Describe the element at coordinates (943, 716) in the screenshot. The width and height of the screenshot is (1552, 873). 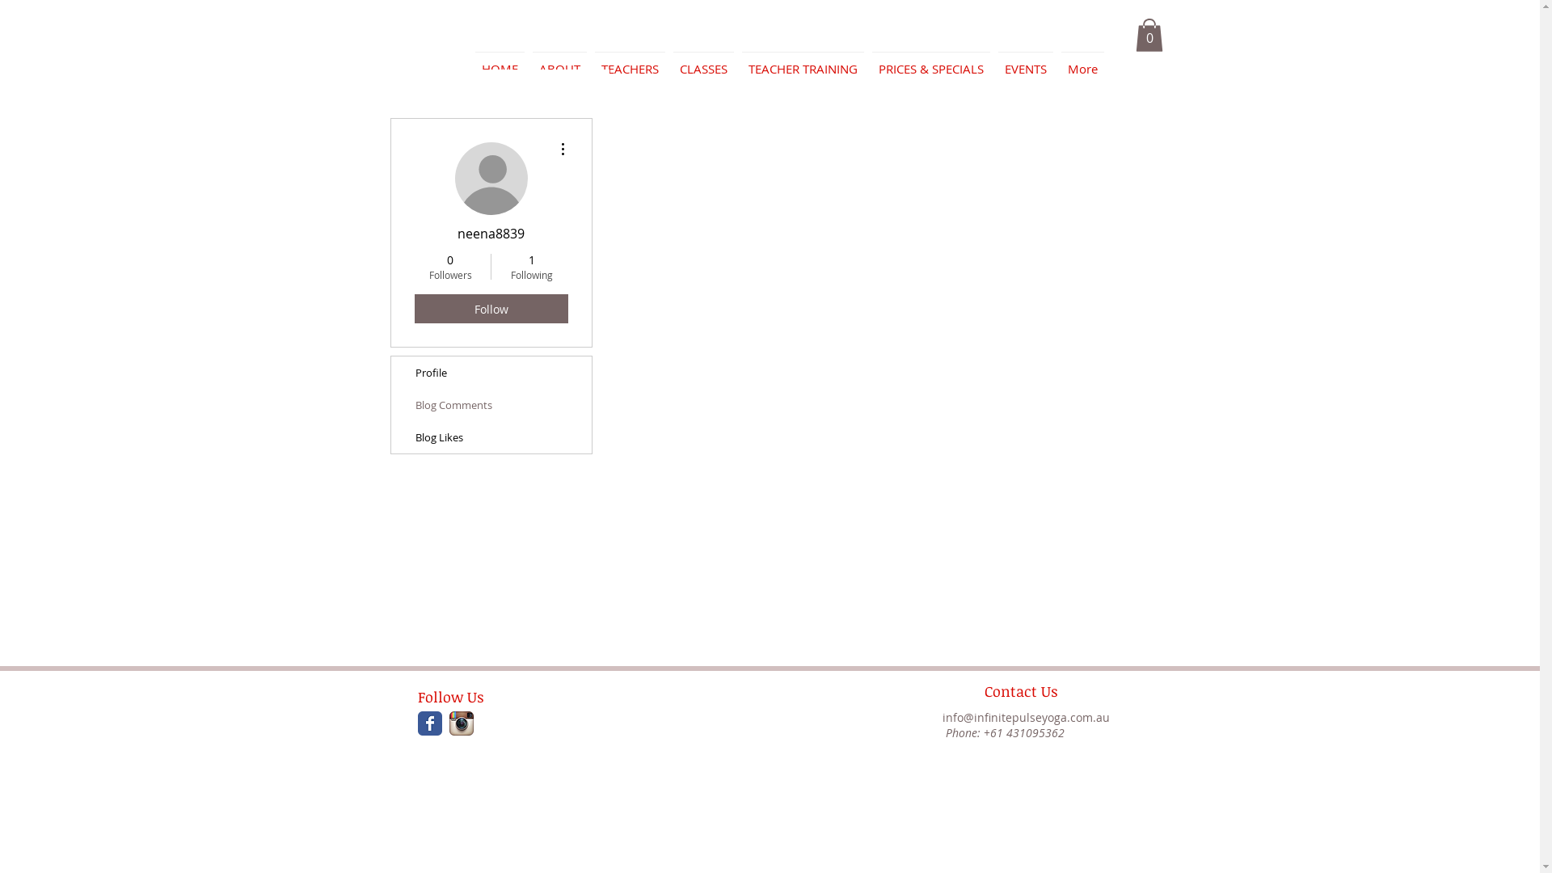
I see `'info@infinitepulseyoga.com.au'` at that location.